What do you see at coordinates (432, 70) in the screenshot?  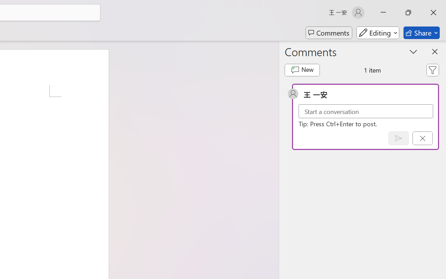 I see `'Filter'` at bounding box center [432, 70].